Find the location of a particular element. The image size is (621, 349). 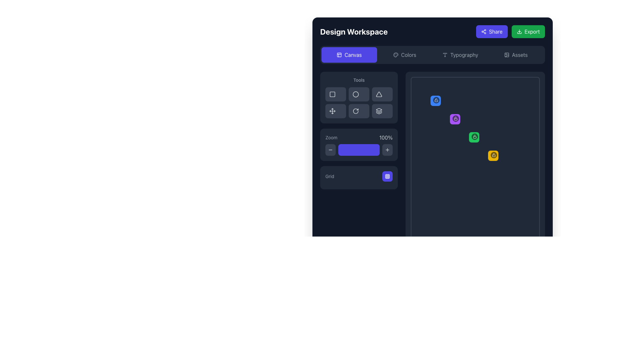

the button in the Grid of interactive buttons located in the center-right region of the 'Tools' section, directly below the label 'Tools' is located at coordinates (358, 102).